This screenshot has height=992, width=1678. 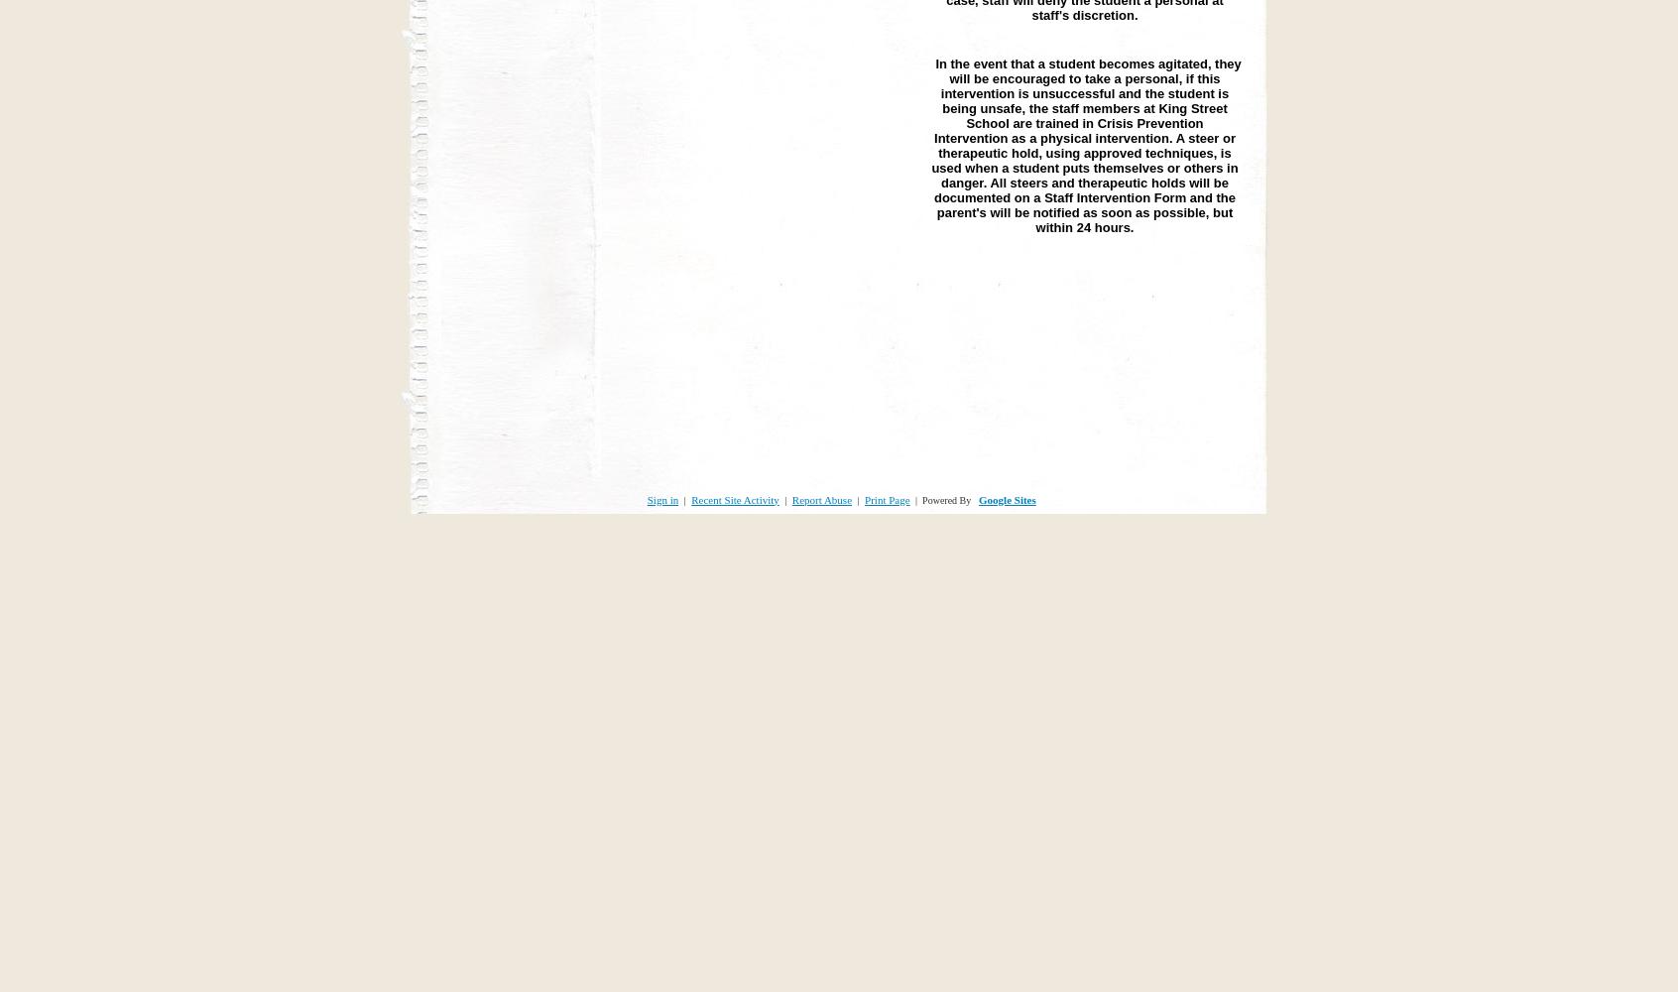 I want to click on 'Print Page', so click(x=886, y=499).